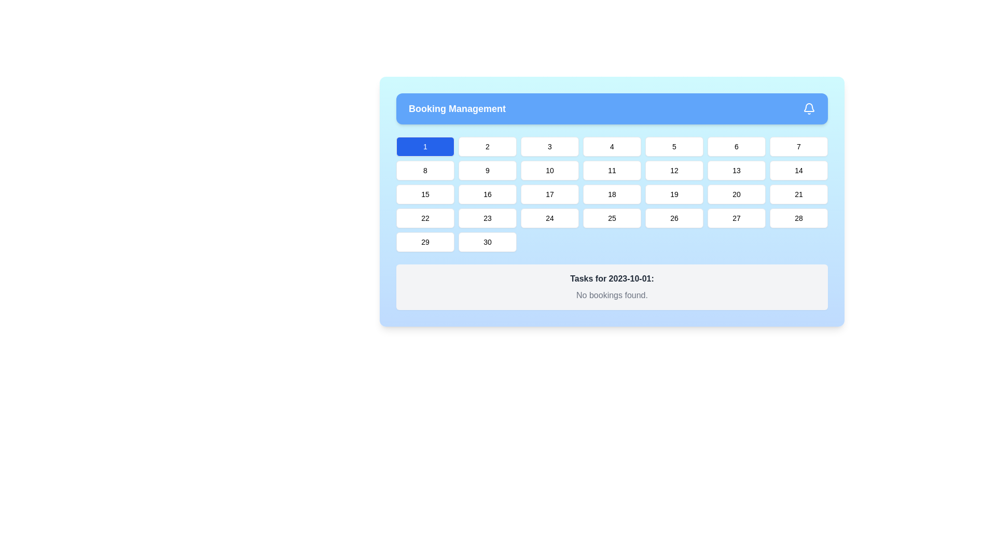  What do you see at coordinates (798, 170) in the screenshot?
I see `the button representing the fourteenth item in a calendar grid layout` at bounding box center [798, 170].